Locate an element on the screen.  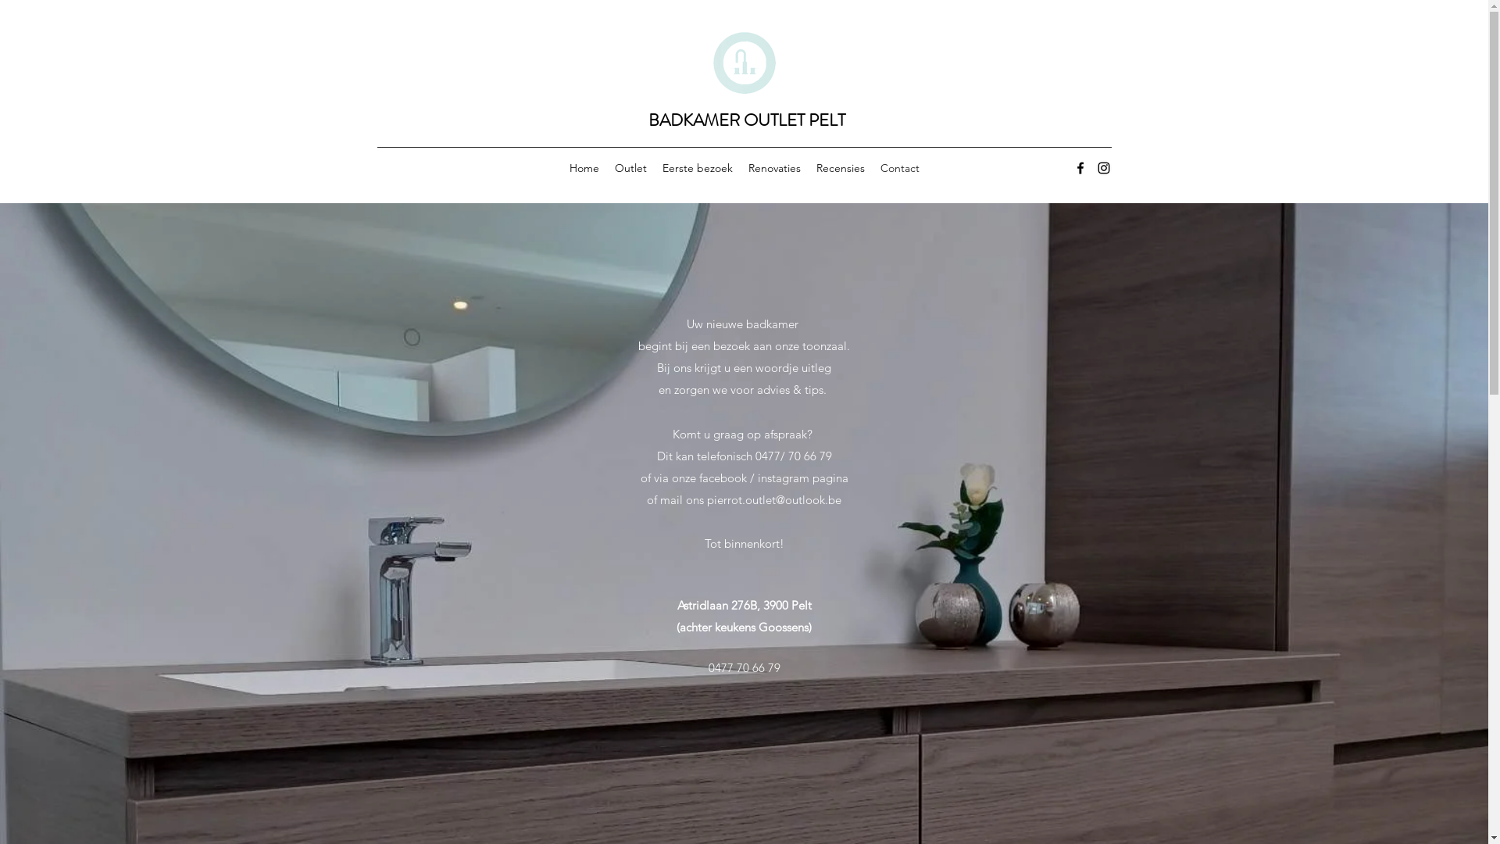
'BADKAMER OUTLET PELT' is located at coordinates (745, 119).